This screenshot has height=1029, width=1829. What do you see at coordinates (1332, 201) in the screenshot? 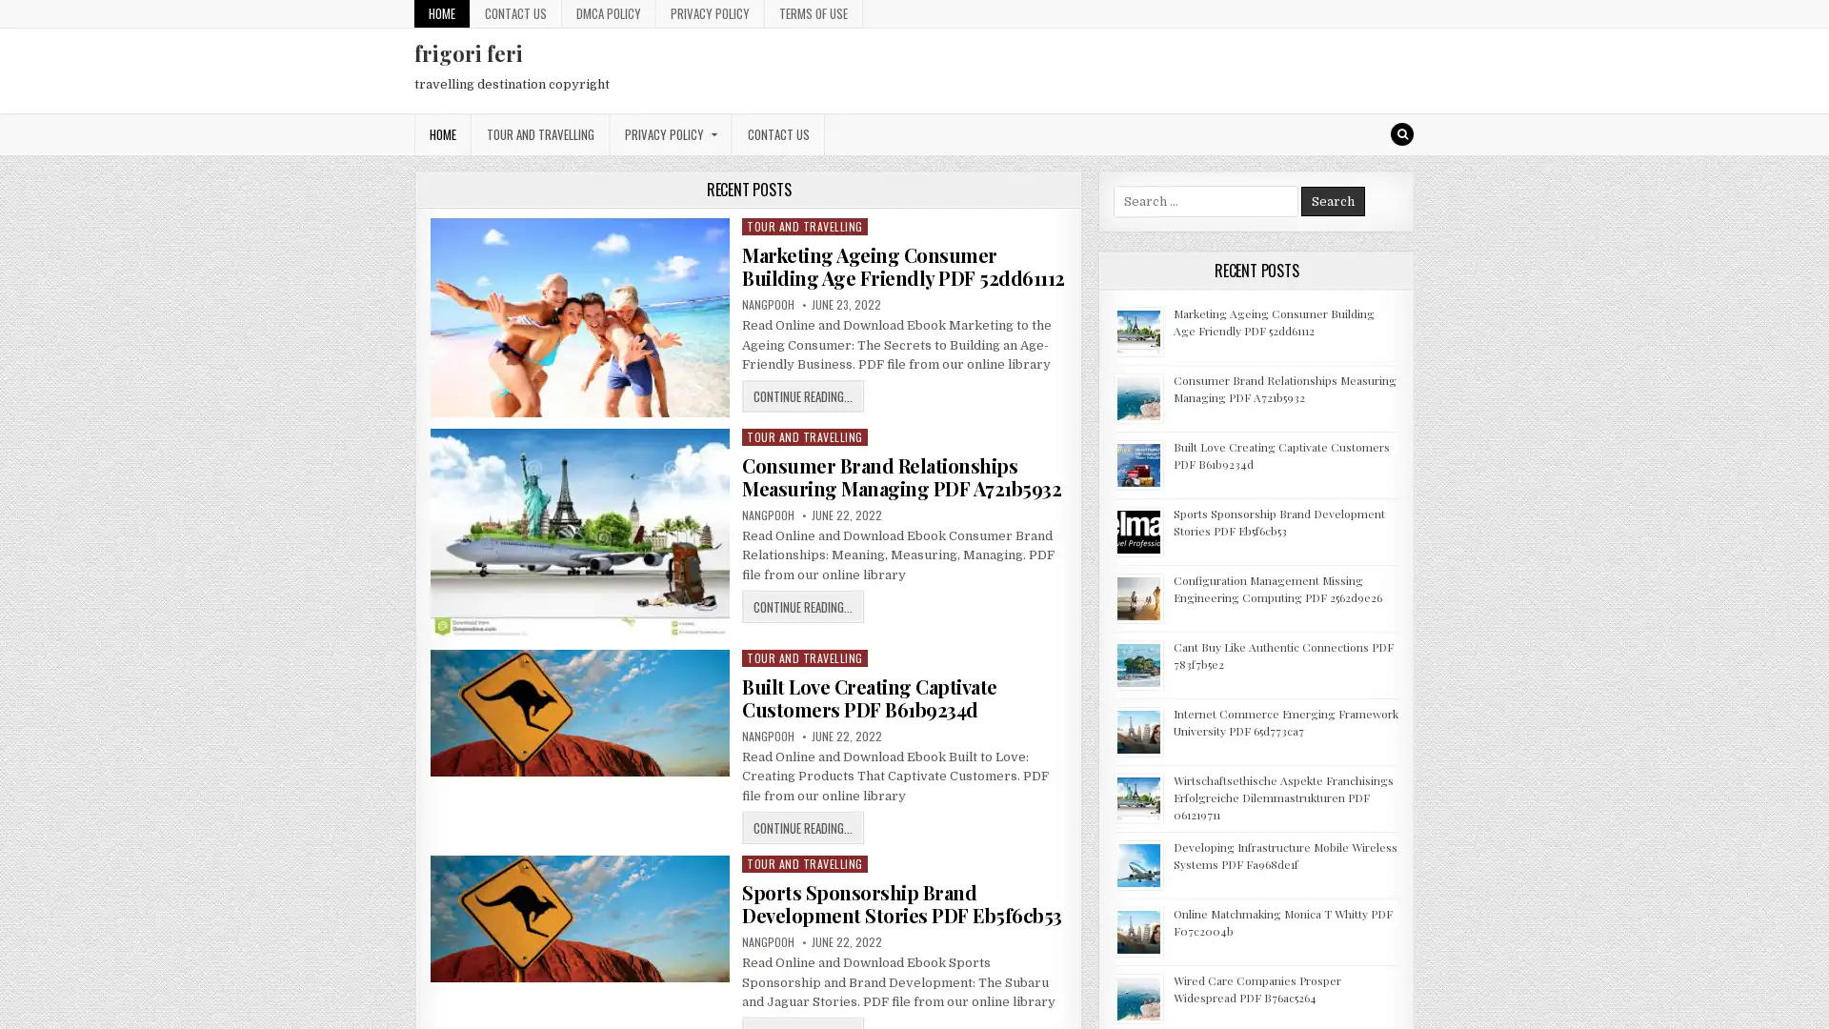
I see `Search` at bounding box center [1332, 201].